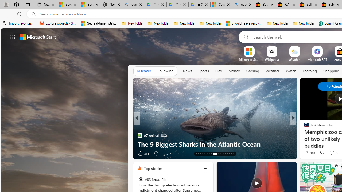  I want to click on 'Nordace - Summer Adventures 2024', so click(111, 5).